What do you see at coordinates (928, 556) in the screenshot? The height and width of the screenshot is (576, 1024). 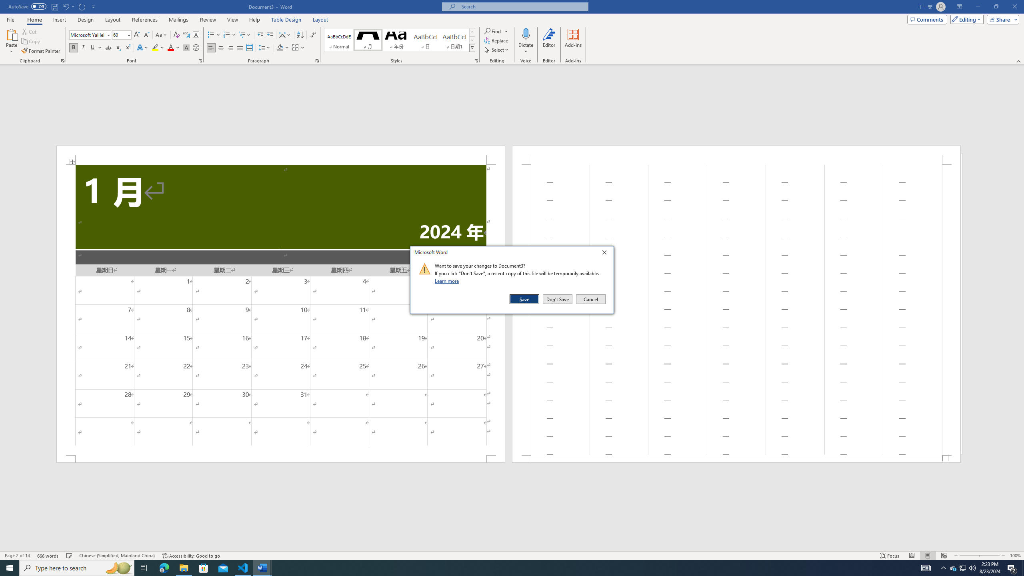 I see `'Print Layout'` at bounding box center [928, 556].